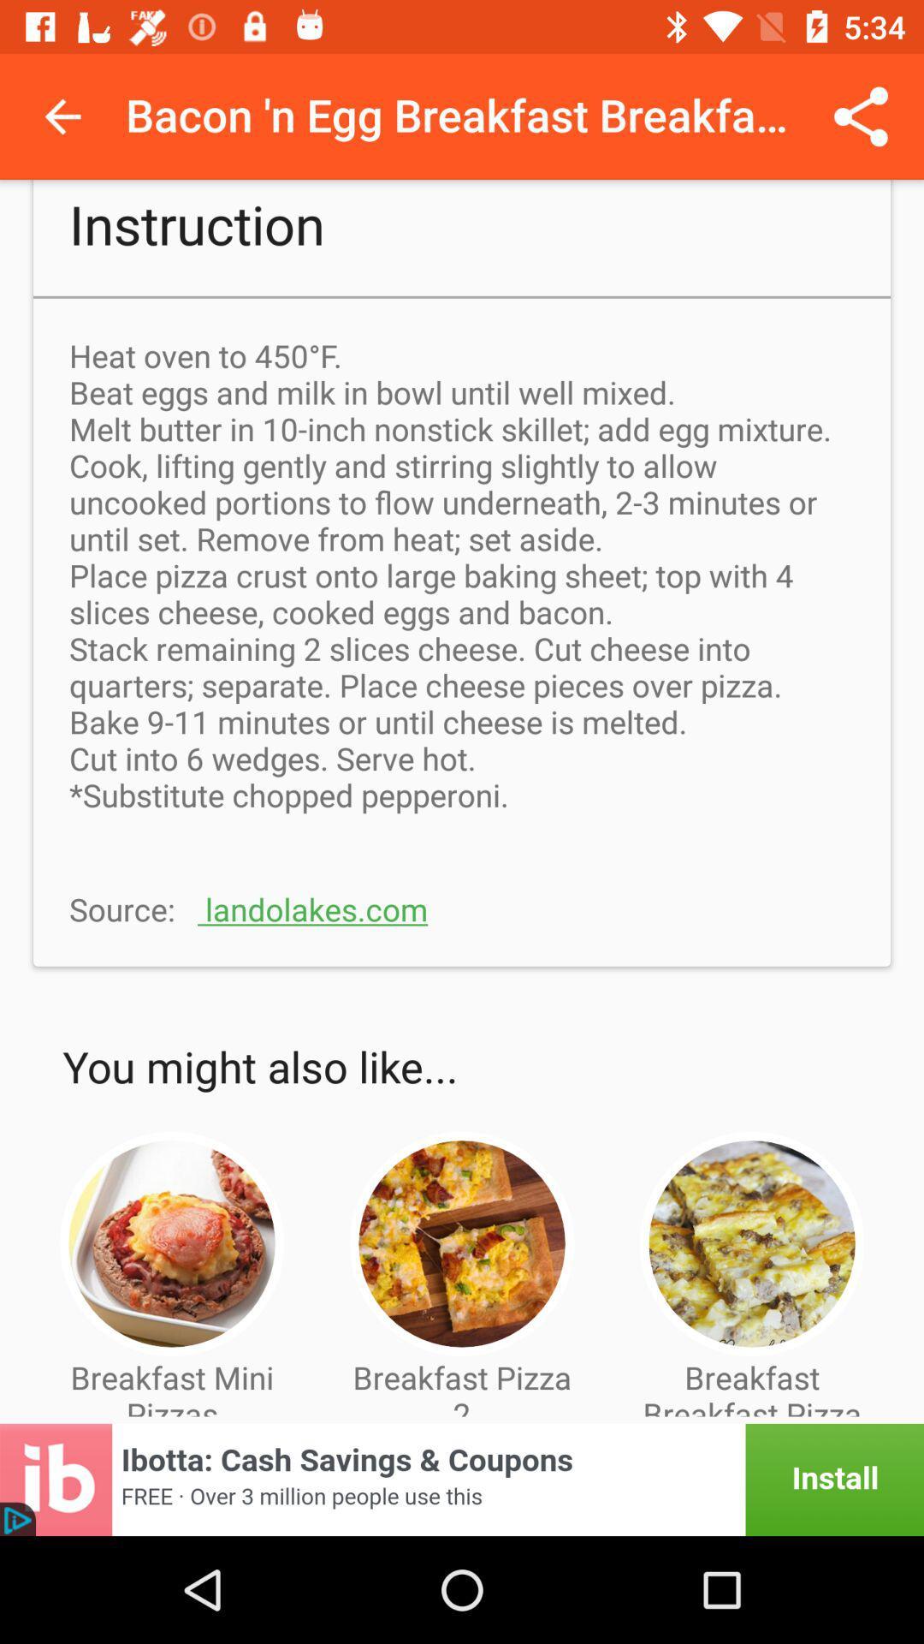 This screenshot has height=1644, width=924. I want to click on share icon which is at the top right side of the page, so click(861, 116).